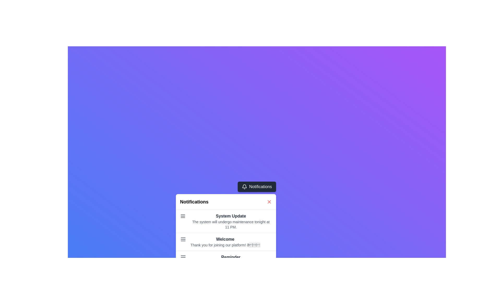 This screenshot has width=501, height=281. What do you see at coordinates (225, 239) in the screenshot?
I see `text content of the welcoming header located at the second notification entry in the notifications panel, positioned at the top-center below the entry with 'System Update.'` at bounding box center [225, 239].